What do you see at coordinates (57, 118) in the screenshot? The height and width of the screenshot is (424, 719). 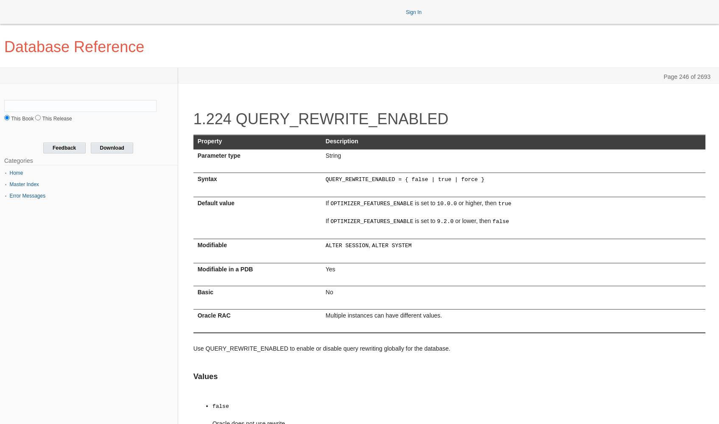 I see `'This Release'` at bounding box center [57, 118].